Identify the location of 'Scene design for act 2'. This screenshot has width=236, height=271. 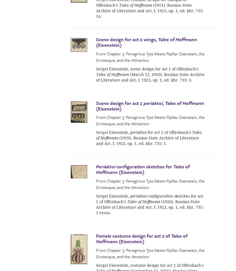
(119, 103).